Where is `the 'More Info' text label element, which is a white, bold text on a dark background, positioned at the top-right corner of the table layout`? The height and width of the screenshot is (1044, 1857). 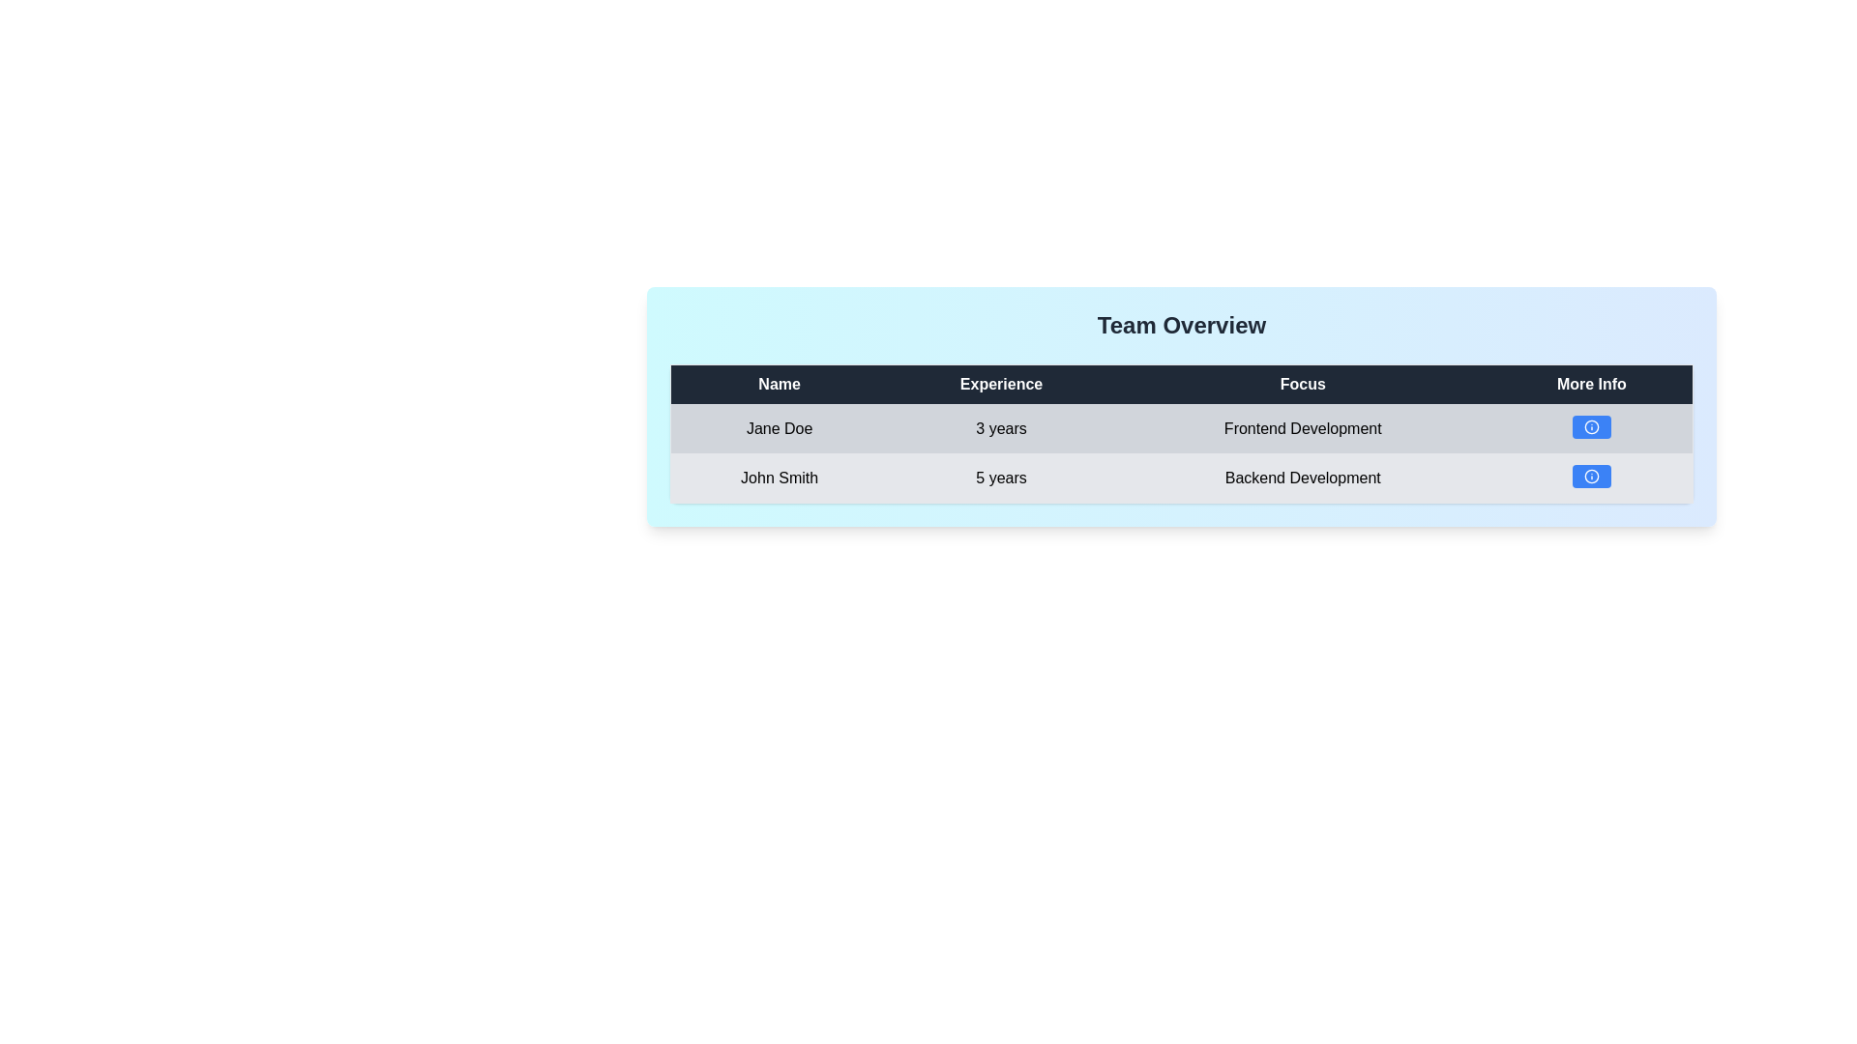 the 'More Info' text label element, which is a white, bold text on a dark background, positioned at the top-right corner of the table layout is located at coordinates (1592, 384).